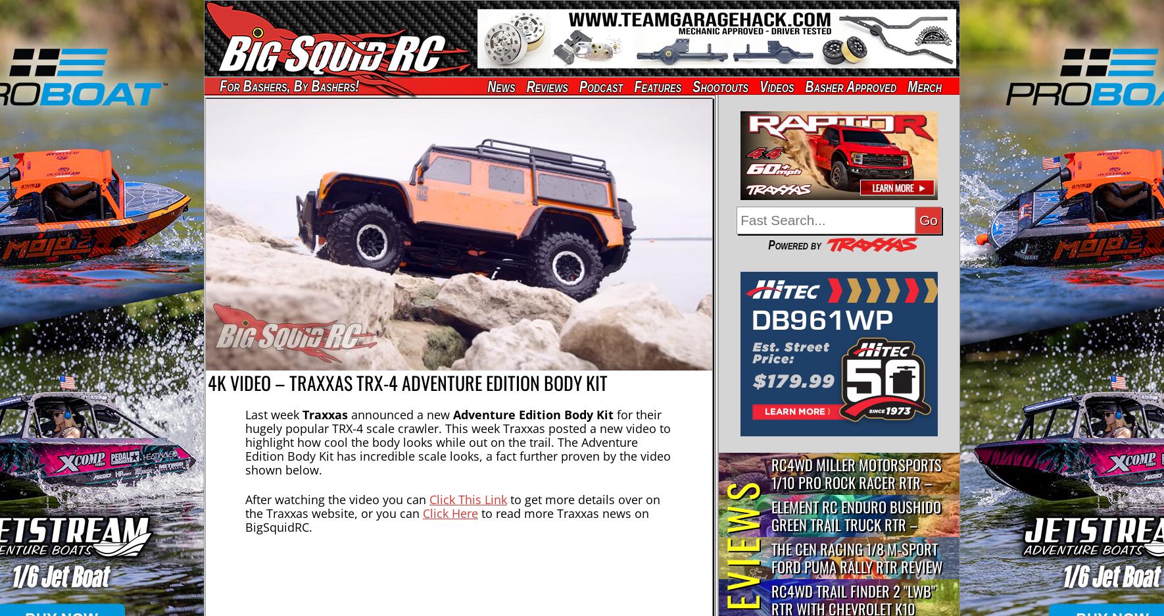 The width and height of the screenshot is (1164, 616). Describe the element at coordinates (533, 413) in the screenshot. I see `'Adventure Edition Body Kit'` at that location.